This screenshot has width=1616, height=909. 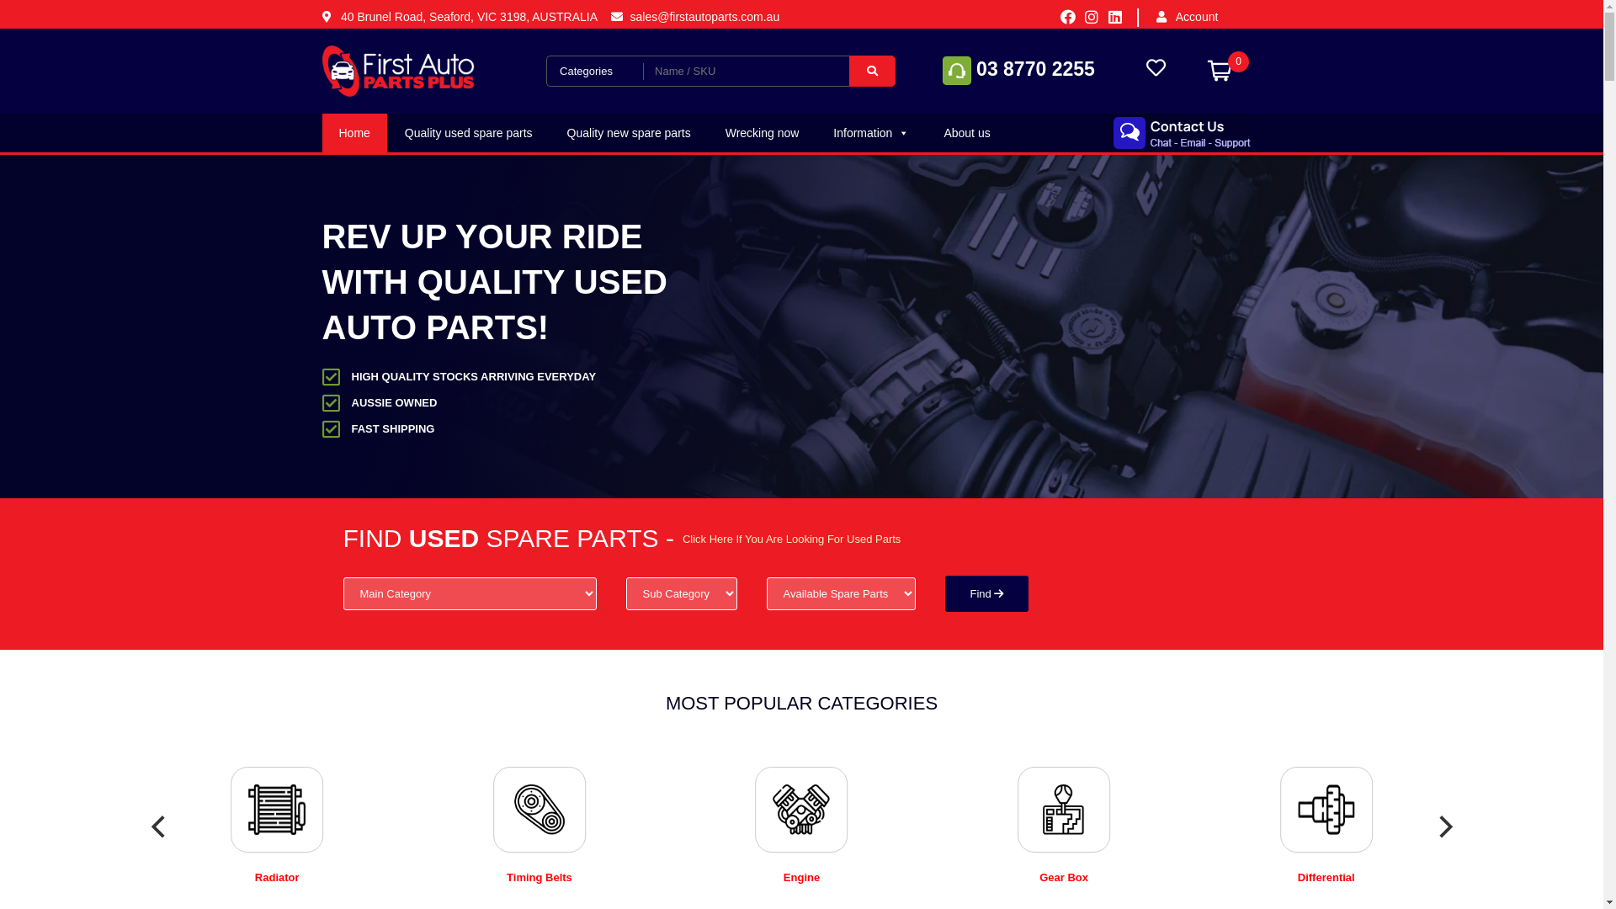 What do you see at coordinates (1018, 67) in the screenshot?
I see `'03 8770 2255'` at bounding box center [1018, 67].